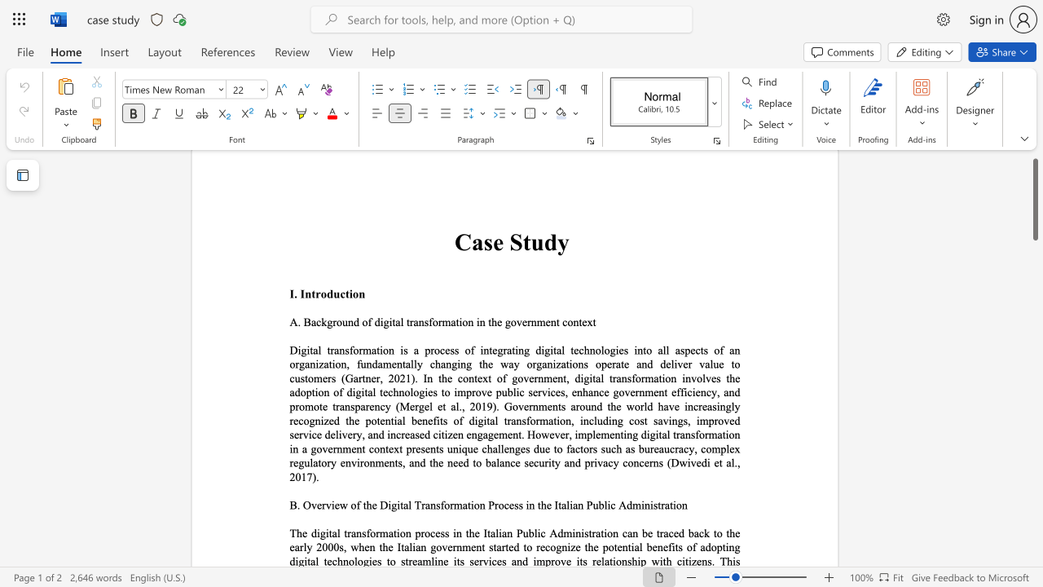  Describe the element at coordinates (1034, 198) in the screenshot. I see `the scrollbar and move down 840 pixels` at that location.